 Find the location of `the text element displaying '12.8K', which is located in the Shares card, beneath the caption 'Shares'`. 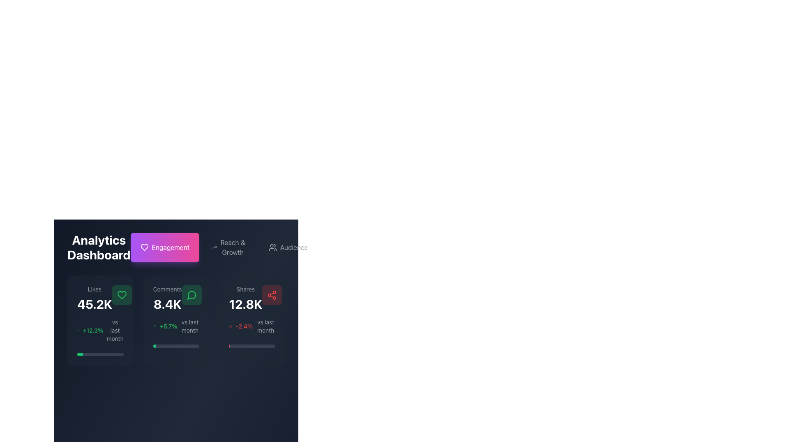

the text element displaying '12.8K', which is located in the Shares card, beneath the caption 'Shares' is located at coordinates (245, 304).